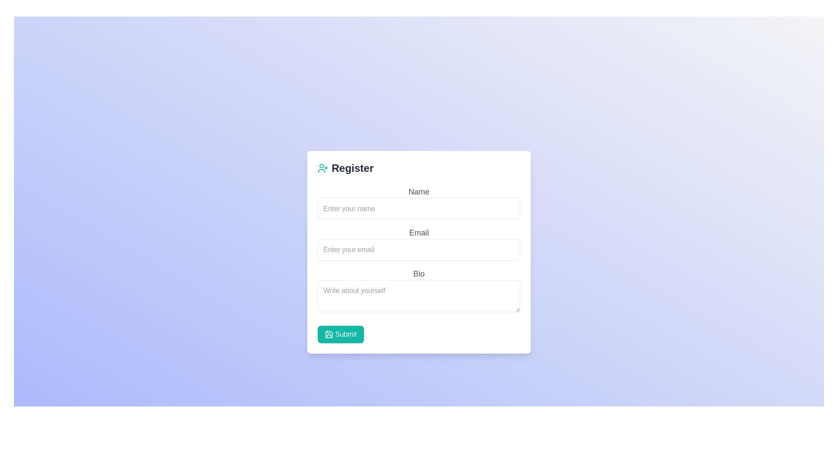  What do you see at coordinates (322, 168) in the screenshot?
I see `the teal-colored user icon with an addition symbol located at the far left of the 'Register' header` at bounding box center [322, 168].